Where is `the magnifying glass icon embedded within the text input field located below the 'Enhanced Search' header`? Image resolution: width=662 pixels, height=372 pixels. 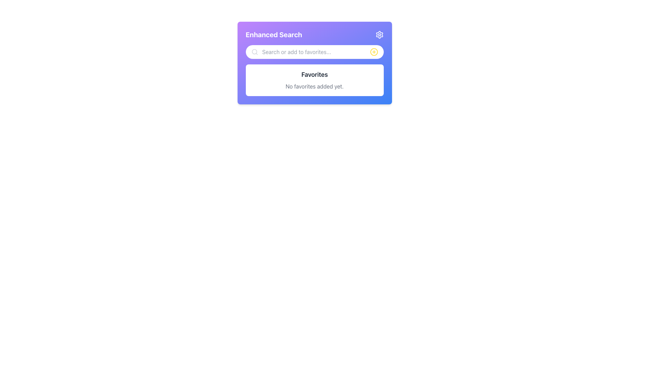
the magnifying glass icon embedded within the text input field located below the 'Enhanced Search' header is located at coordinates (314, 51).